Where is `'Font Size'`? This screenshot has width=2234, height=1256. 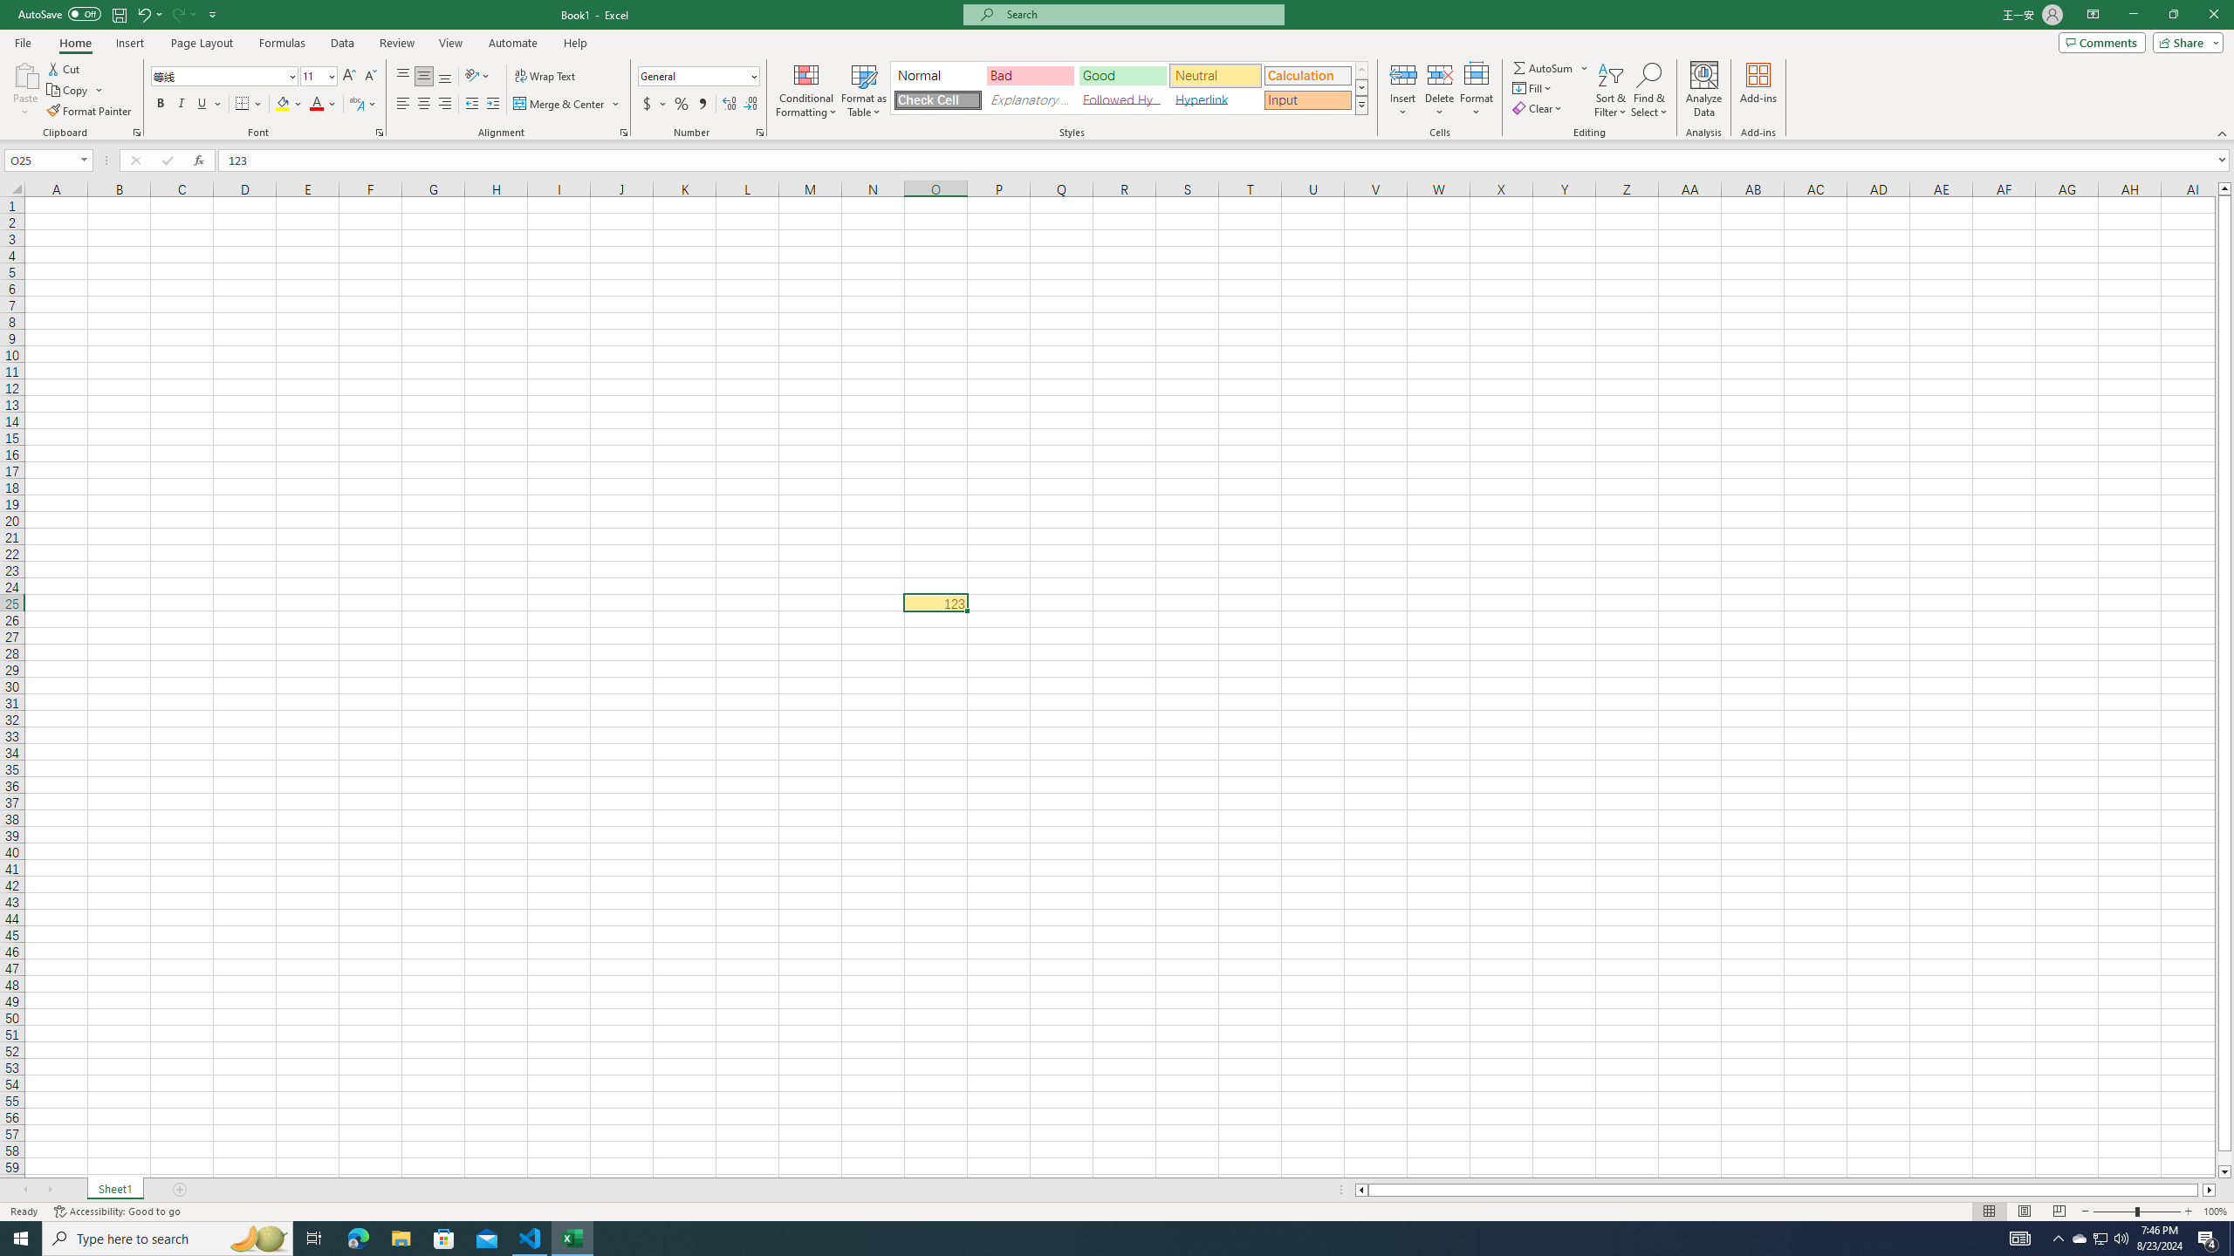 'Font Size' is located at coordinates (317, 76).